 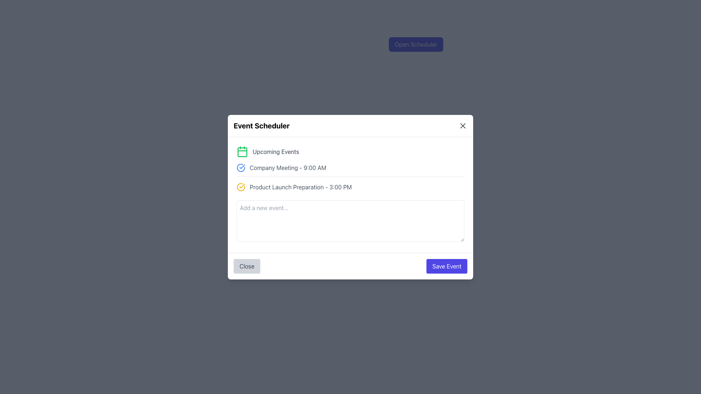 I want to click on text label displaying 'Company Meeting - 9:00 AM' located in the event list of the 'Event Scheduler' modal interface to understand the event details, so click(x=287, y=167).